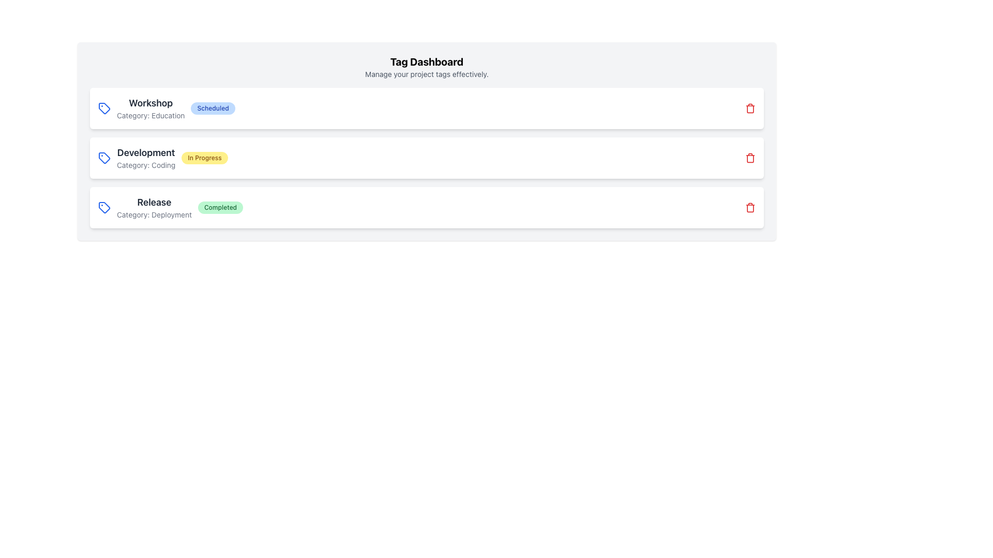 The width and height of the screenshot is (993, 558). What do you see at coordinates (154, 203) in the screenshot?
I see `the 'Release' text label located in the third card of a vertical list` at bounding box center [154, 203].